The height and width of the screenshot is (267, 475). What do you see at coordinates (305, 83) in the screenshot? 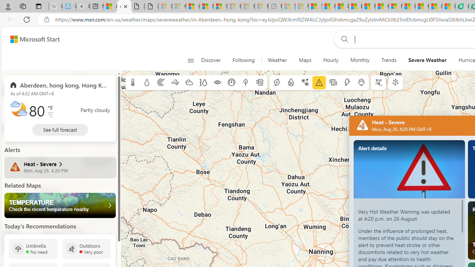
I see `'Winter weather'` at bounding box center [305, 83].